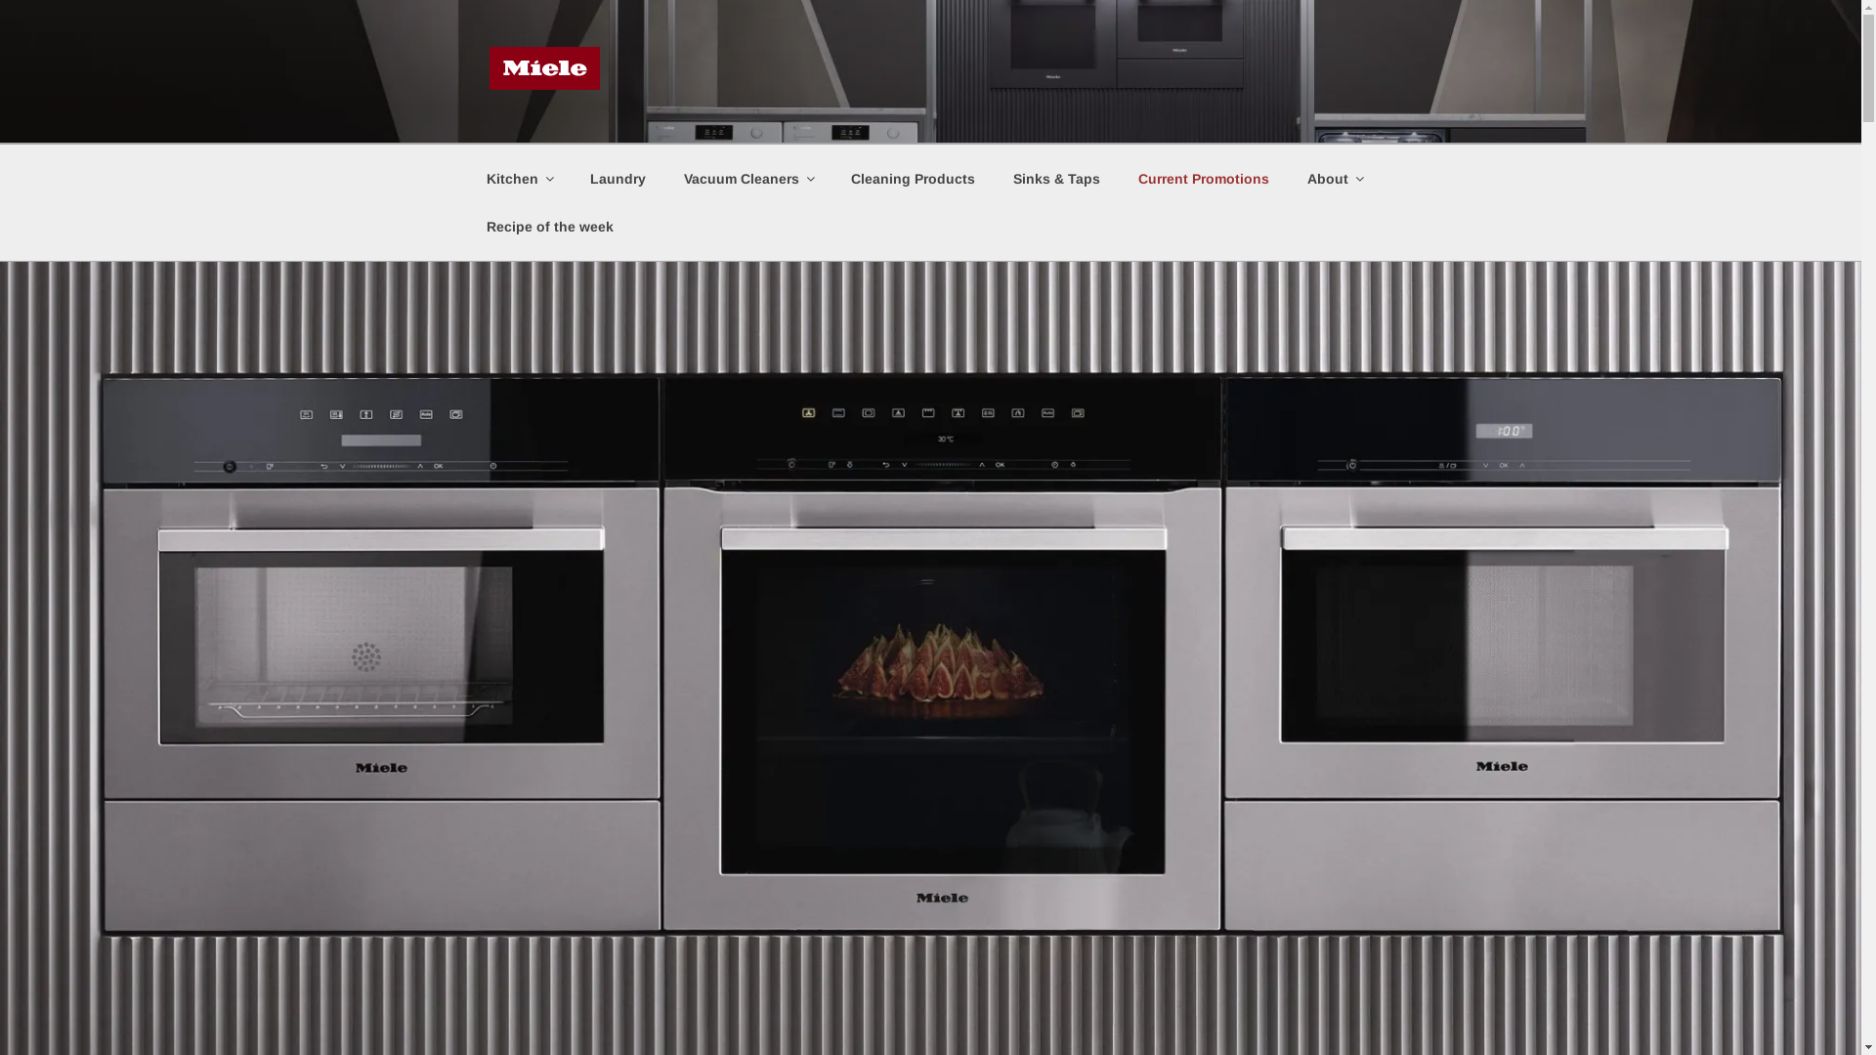 This screenshot has height=1055, width=1876. Describe the element at coordinates (1290, 178) in the screenshot. I see `'About'` at that location.